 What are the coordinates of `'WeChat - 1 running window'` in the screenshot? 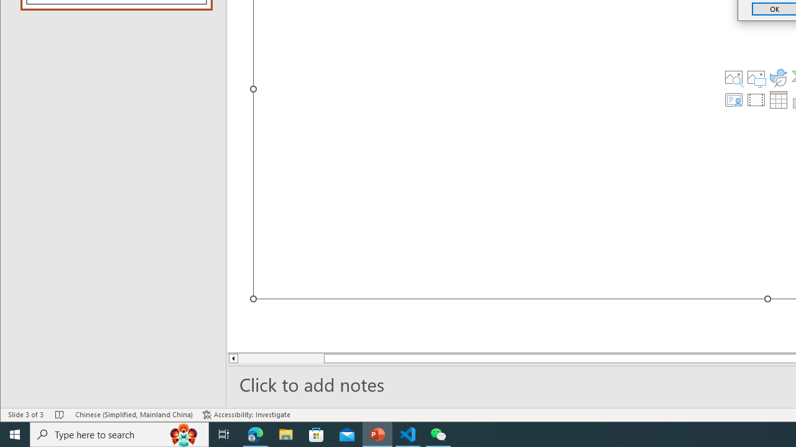 It's located at (438, 433).